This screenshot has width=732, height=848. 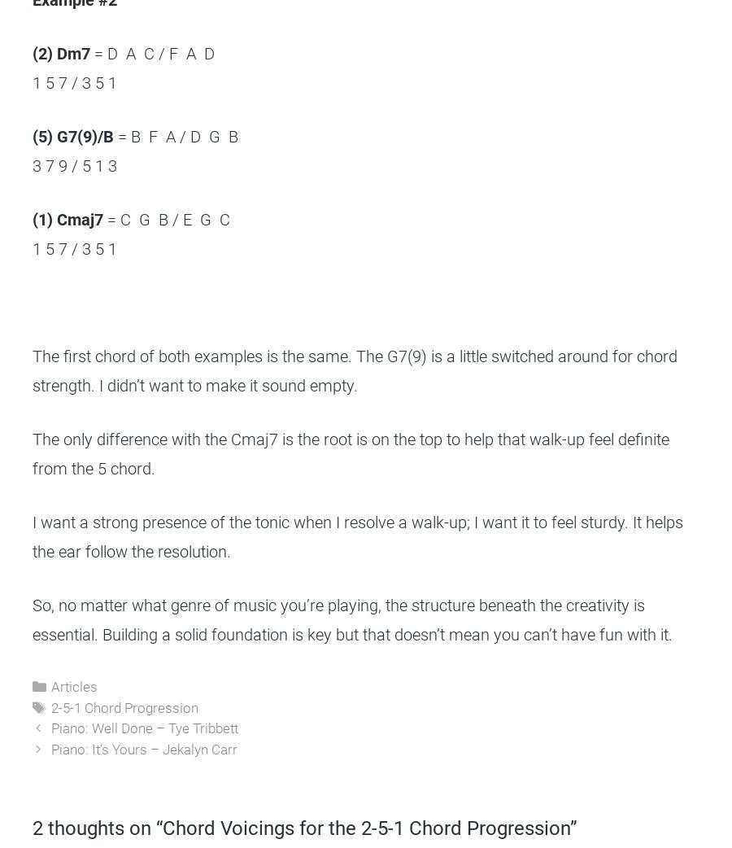 What do you see at coordinates (176, 136) in the screenshot?
I see `'= B  F  A / D  G  B'` at bounding box center [176, 136].